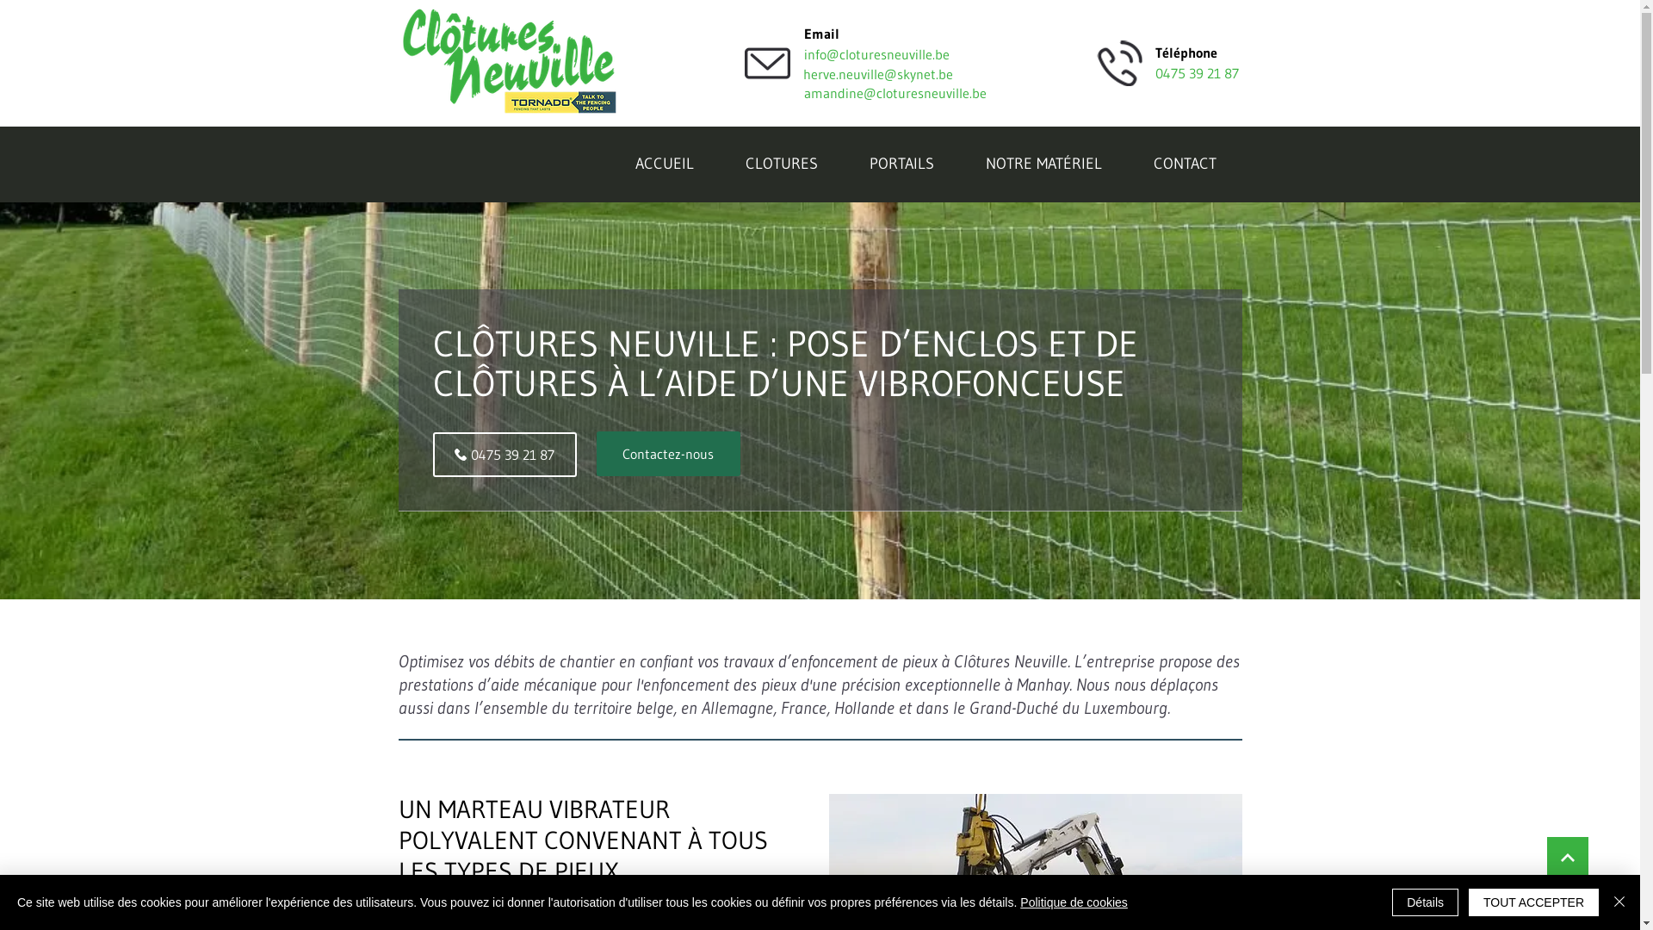 The width and height of the screenshot is (1653, 930). Describe the element at coordinates (666, 453) in the screenshot. I see `'Contactez-nous'` at that location.